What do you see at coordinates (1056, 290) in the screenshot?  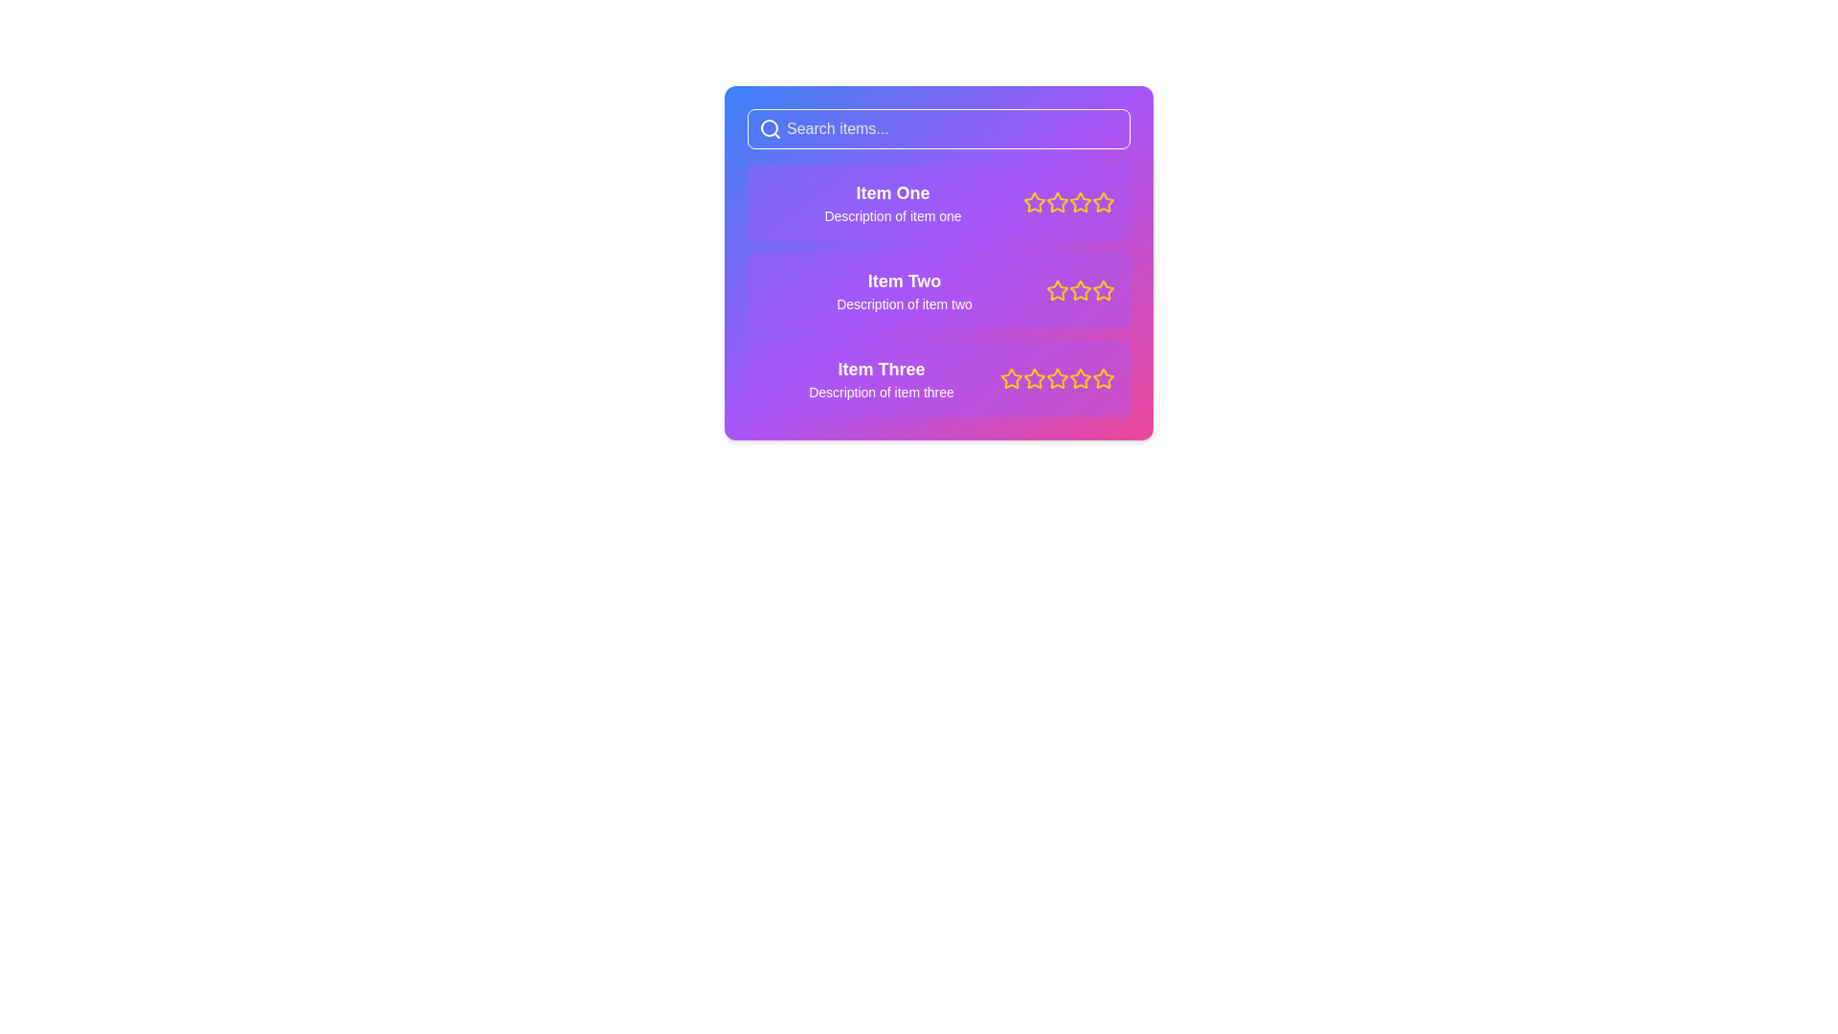 I see `the first yellow outlined star icon in the rating section associated with 'Item Two'` at bounding box center [1056, 290].